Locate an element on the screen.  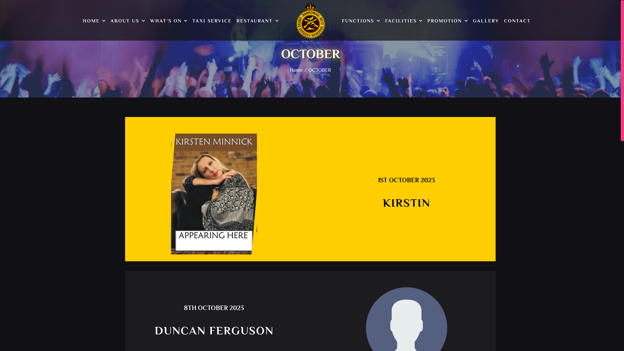
'RESTAURANT' is located at coordinates (257, 21).